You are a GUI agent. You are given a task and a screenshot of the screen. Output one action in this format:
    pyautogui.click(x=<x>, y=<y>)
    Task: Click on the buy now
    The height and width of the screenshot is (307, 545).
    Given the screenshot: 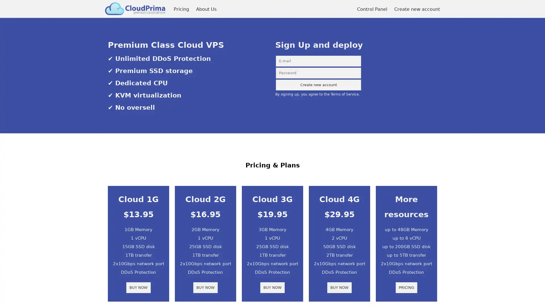 What is the action you would take?
    pyautogui.click(x=139, y=287)
    